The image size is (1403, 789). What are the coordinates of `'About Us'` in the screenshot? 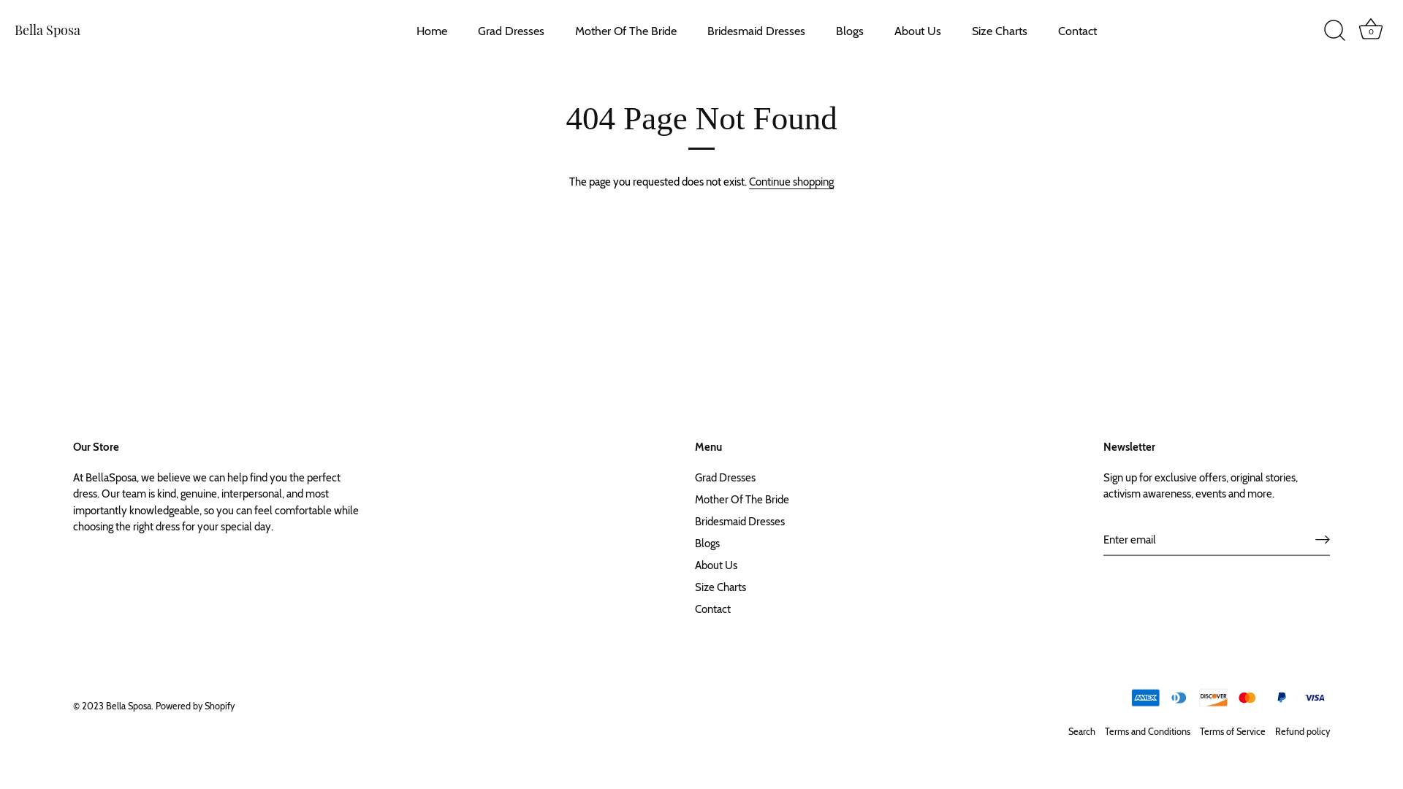 It's located at (715, 563).